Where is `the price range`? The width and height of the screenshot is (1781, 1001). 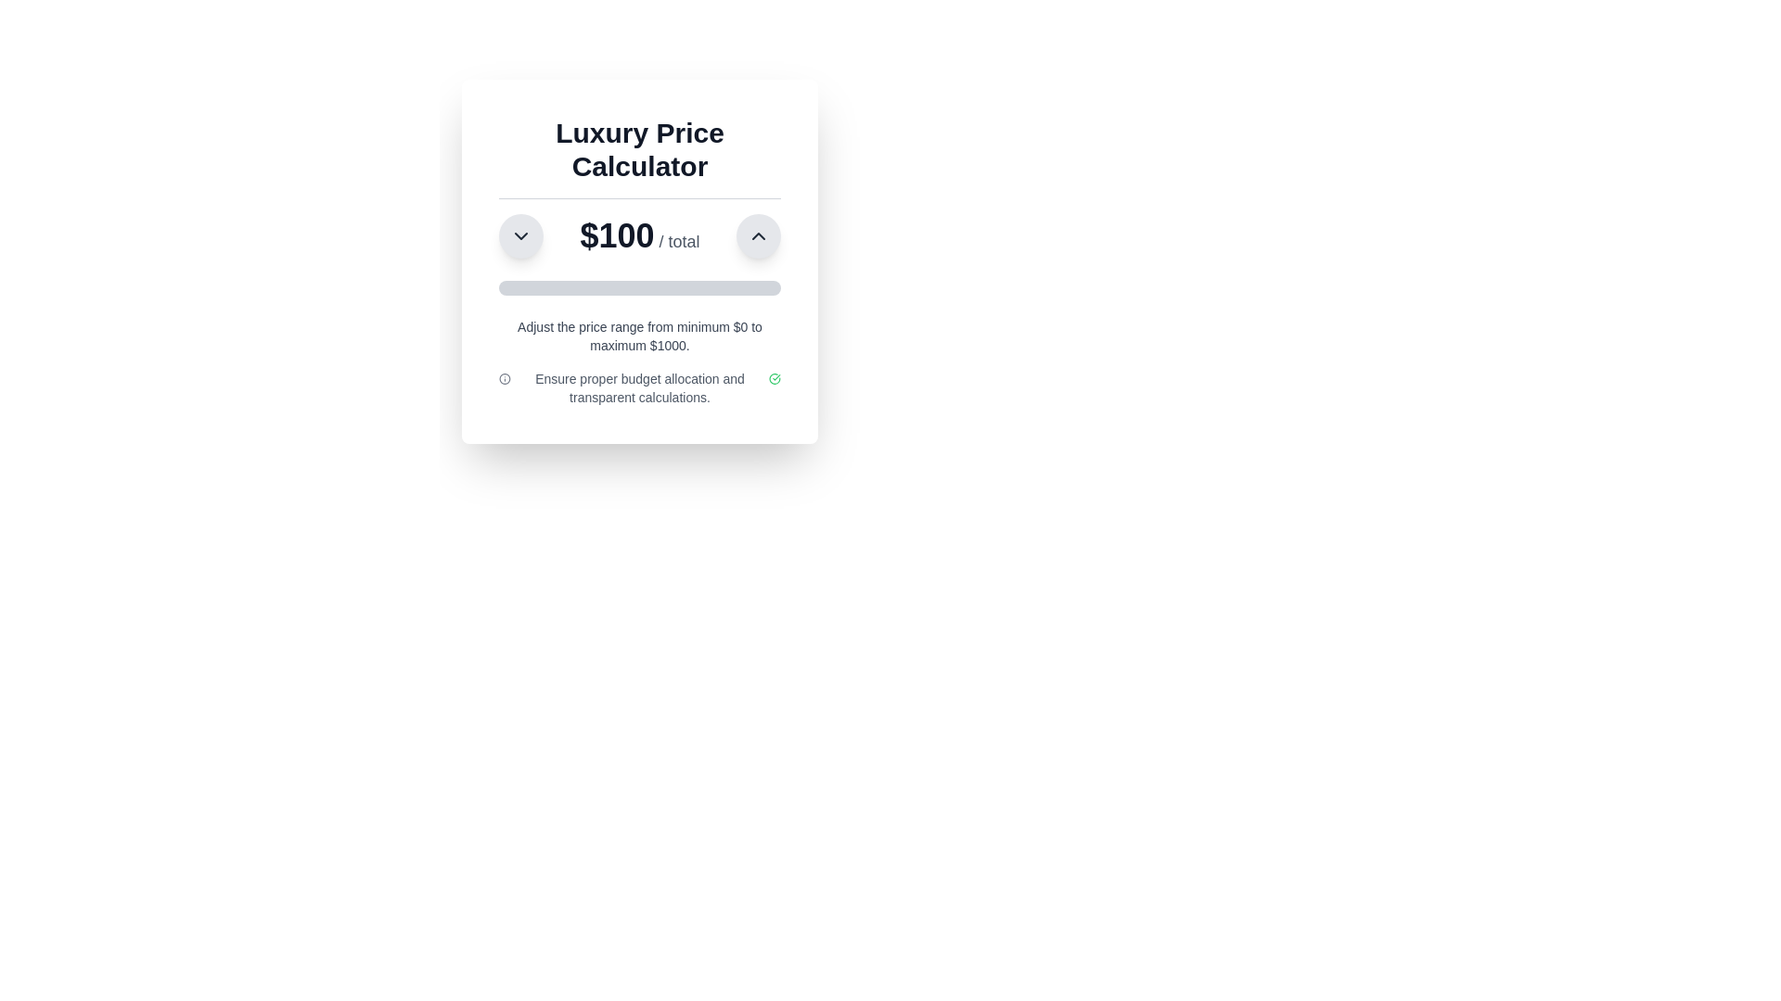 the price range is located at coordinates (637, 288).